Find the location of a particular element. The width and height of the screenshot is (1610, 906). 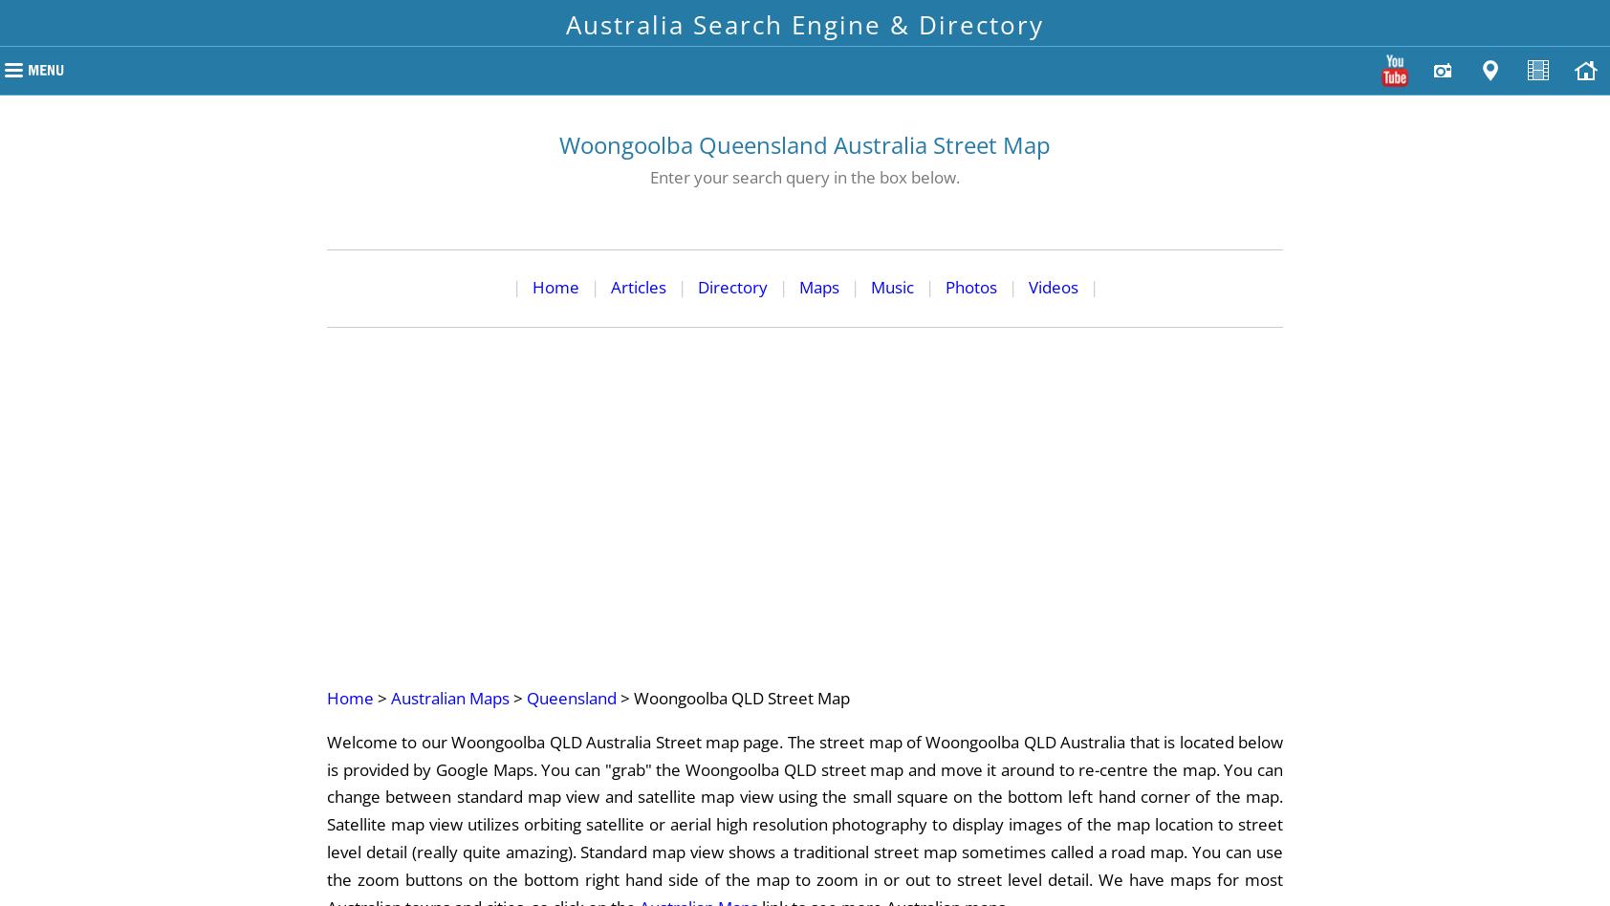

'Queensland' is located at coordinates (570, 697).